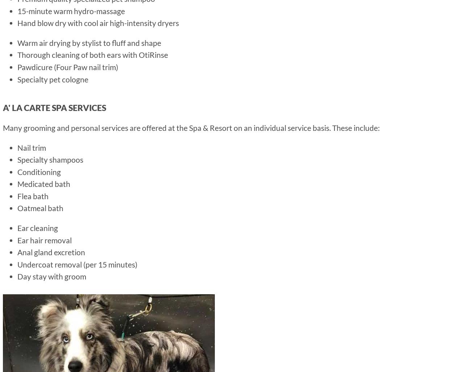 Image resolution: width=471 pixels, height=372 pixels. I want to click on 'Ear cleaning', so click(38, 228).